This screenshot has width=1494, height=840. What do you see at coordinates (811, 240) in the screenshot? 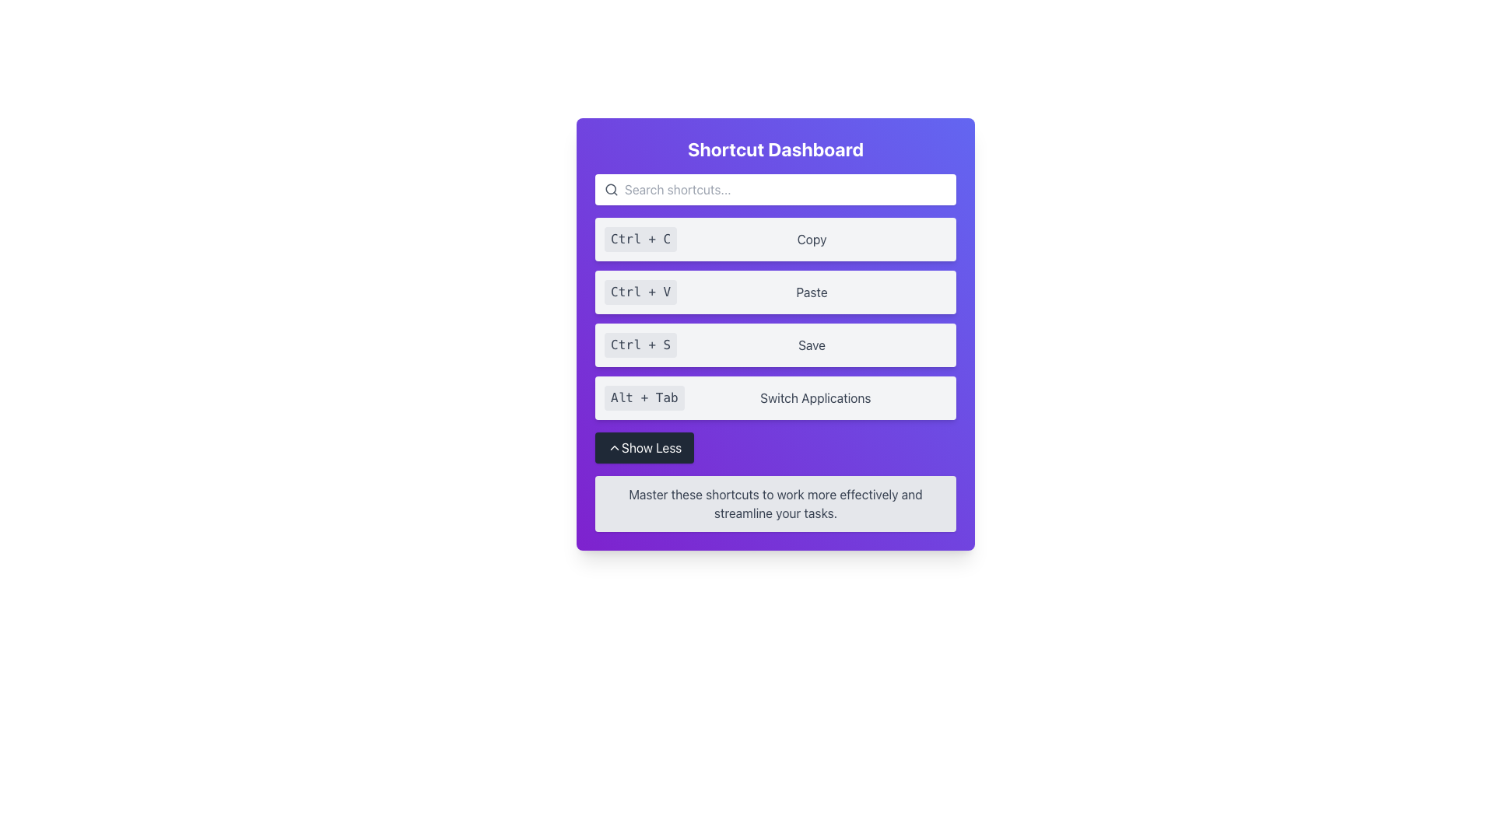
I see `the 'Copy' text label, which is styled in gray font against a light-gray background` at bounding box center [811, 240].